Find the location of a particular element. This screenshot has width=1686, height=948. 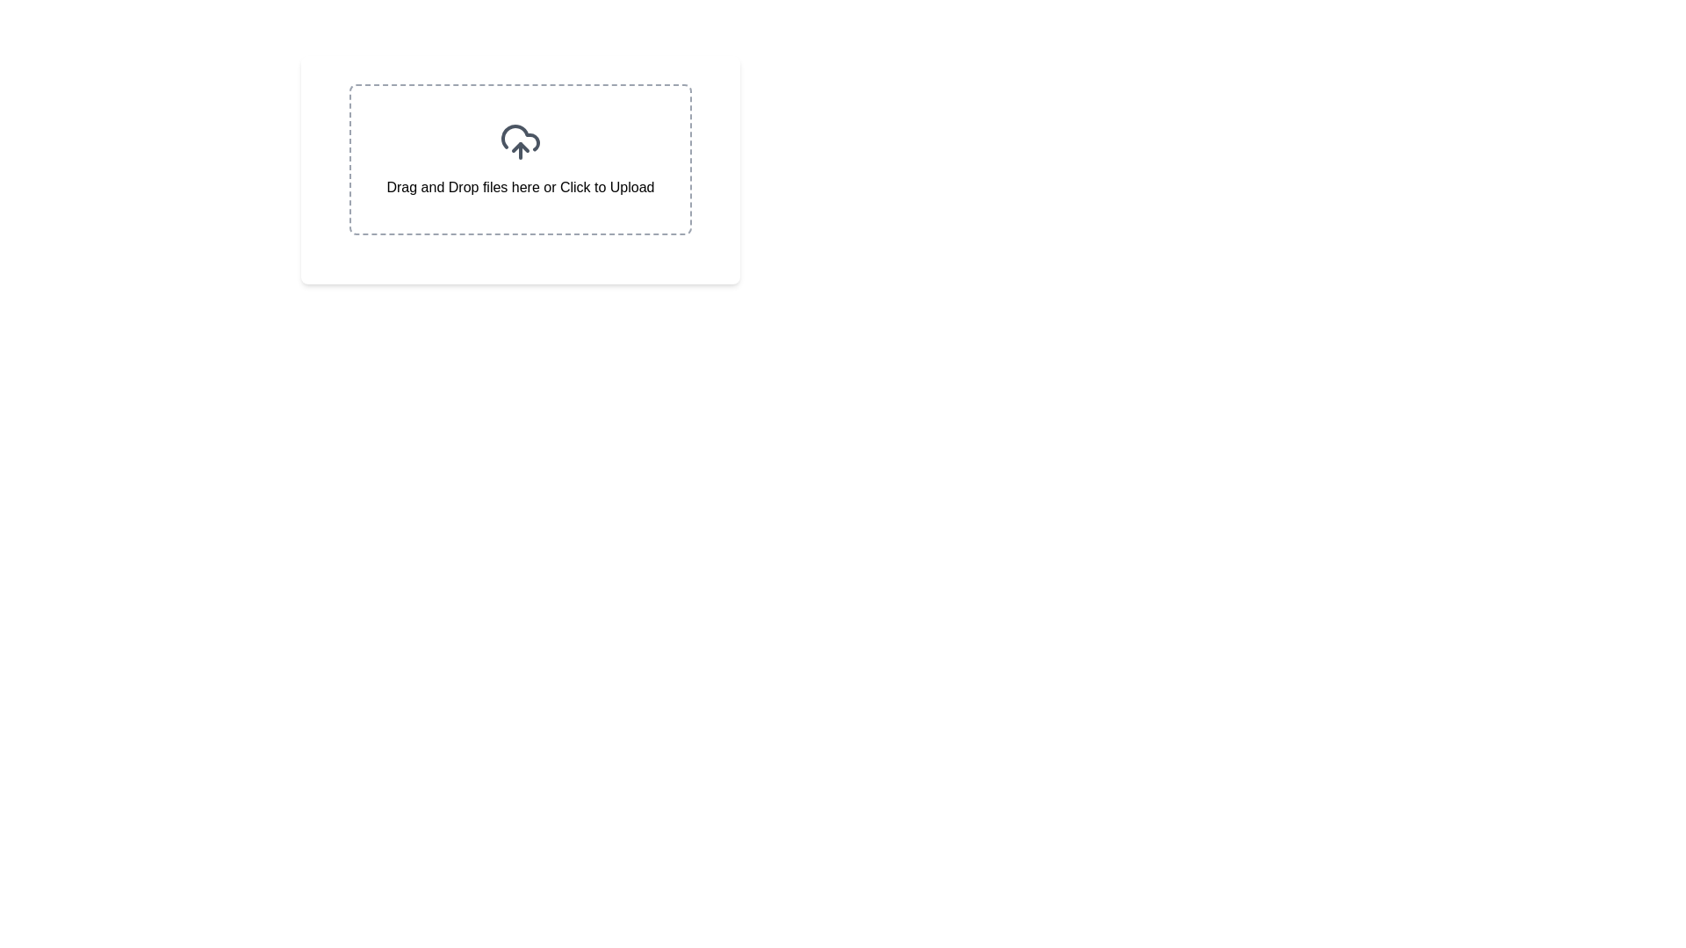

the upload icon graphic, specifically the upward-pointing arrow located at the bottom center of the cloud upload icon is located at coordinates (520, 147).